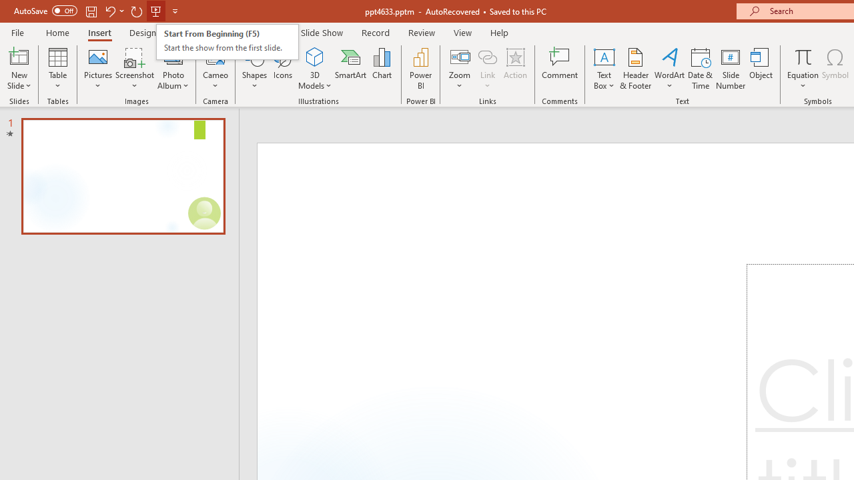  Describe the element at coordinates (835, 69) in the screenshot. I see `'Symbol...'` at that location.